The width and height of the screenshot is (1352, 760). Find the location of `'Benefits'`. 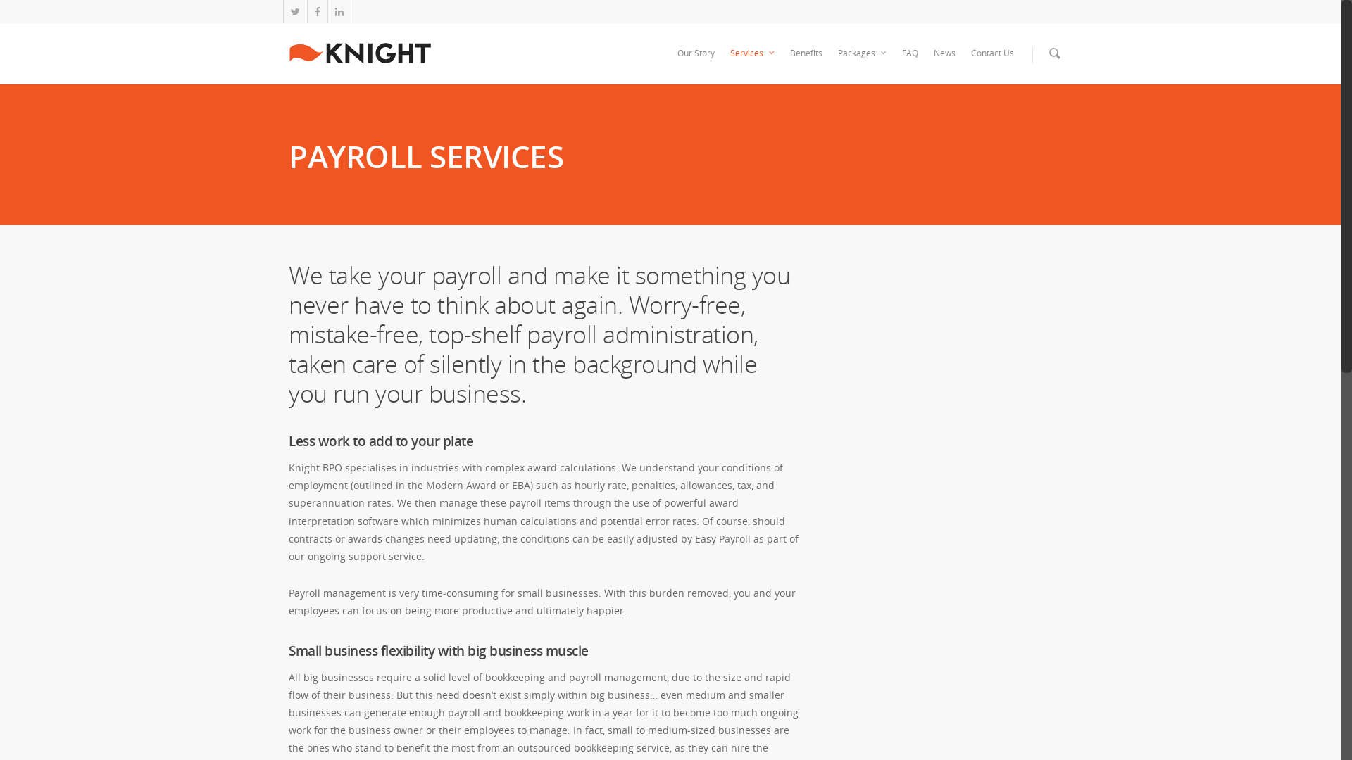

'Benefits' is located at coordinates (806, 62).